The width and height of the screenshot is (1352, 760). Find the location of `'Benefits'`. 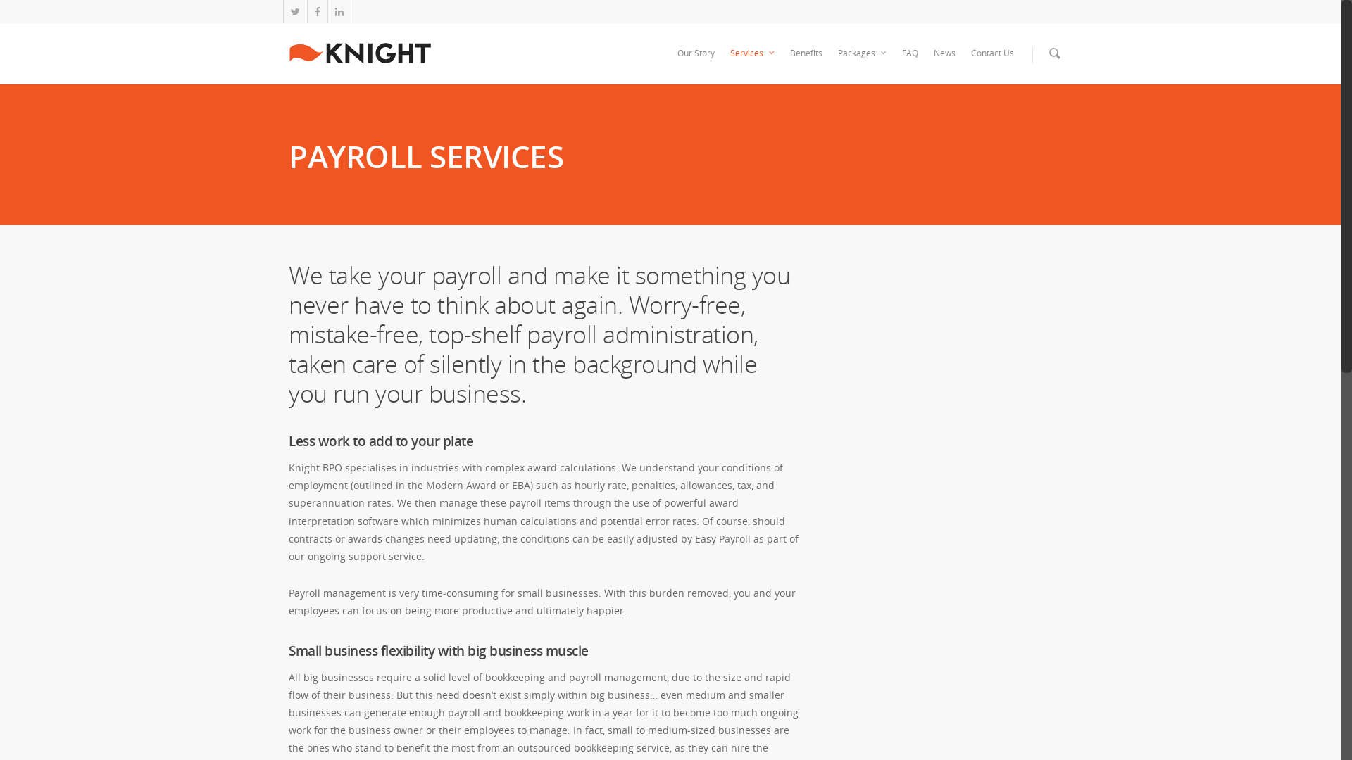

'Benefits' is located at coordinates (806, 62).